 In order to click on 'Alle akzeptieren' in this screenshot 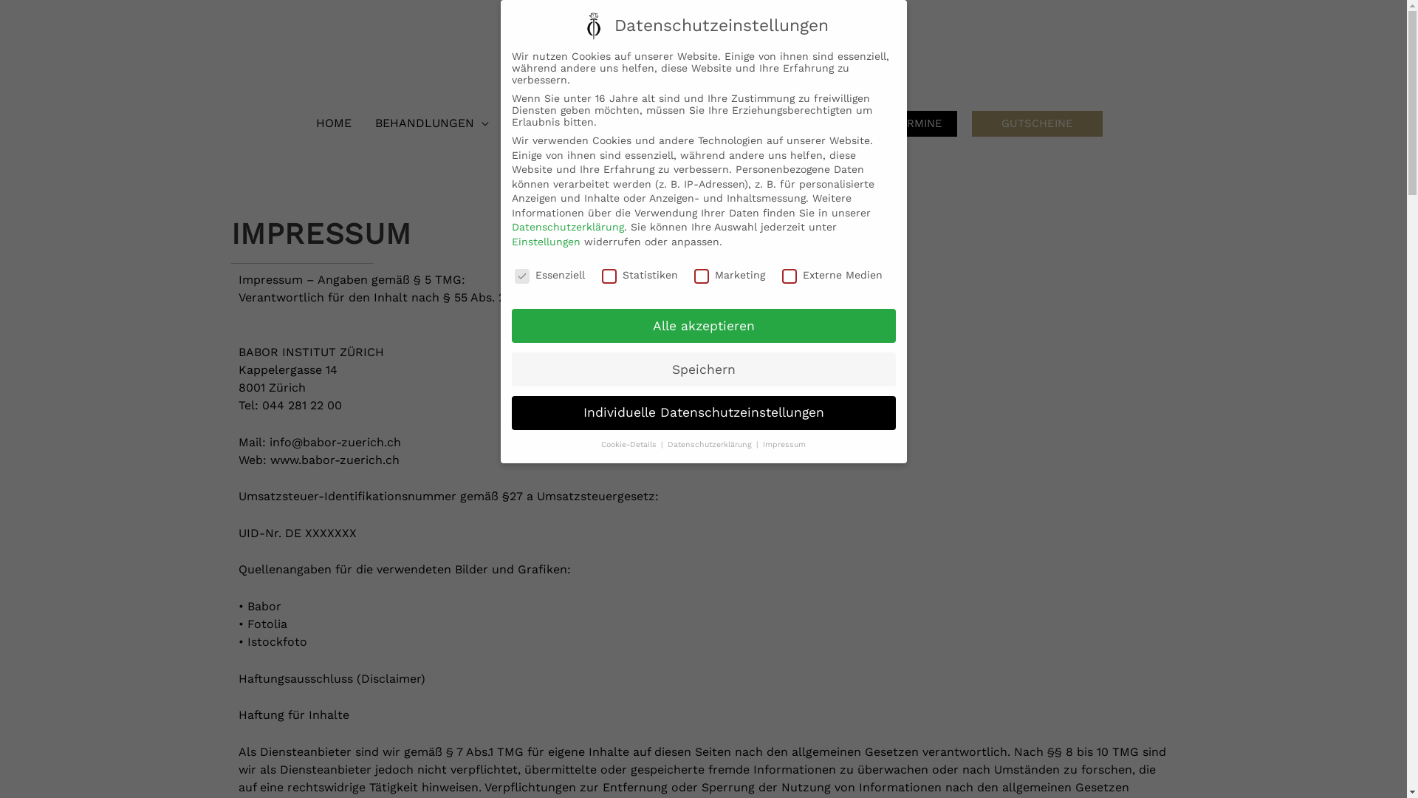, I will do `click(702, 324)`.